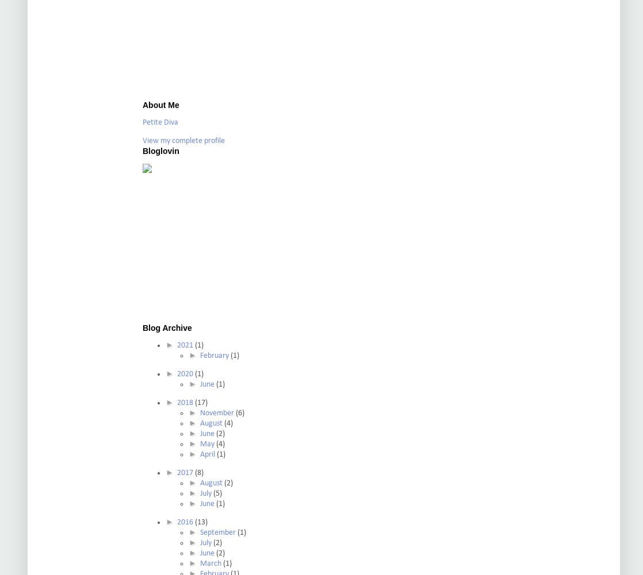  What do you see at coordinates (185, 522) in the screenshot?
I see `'2016'` at bounding box center [185, 522].